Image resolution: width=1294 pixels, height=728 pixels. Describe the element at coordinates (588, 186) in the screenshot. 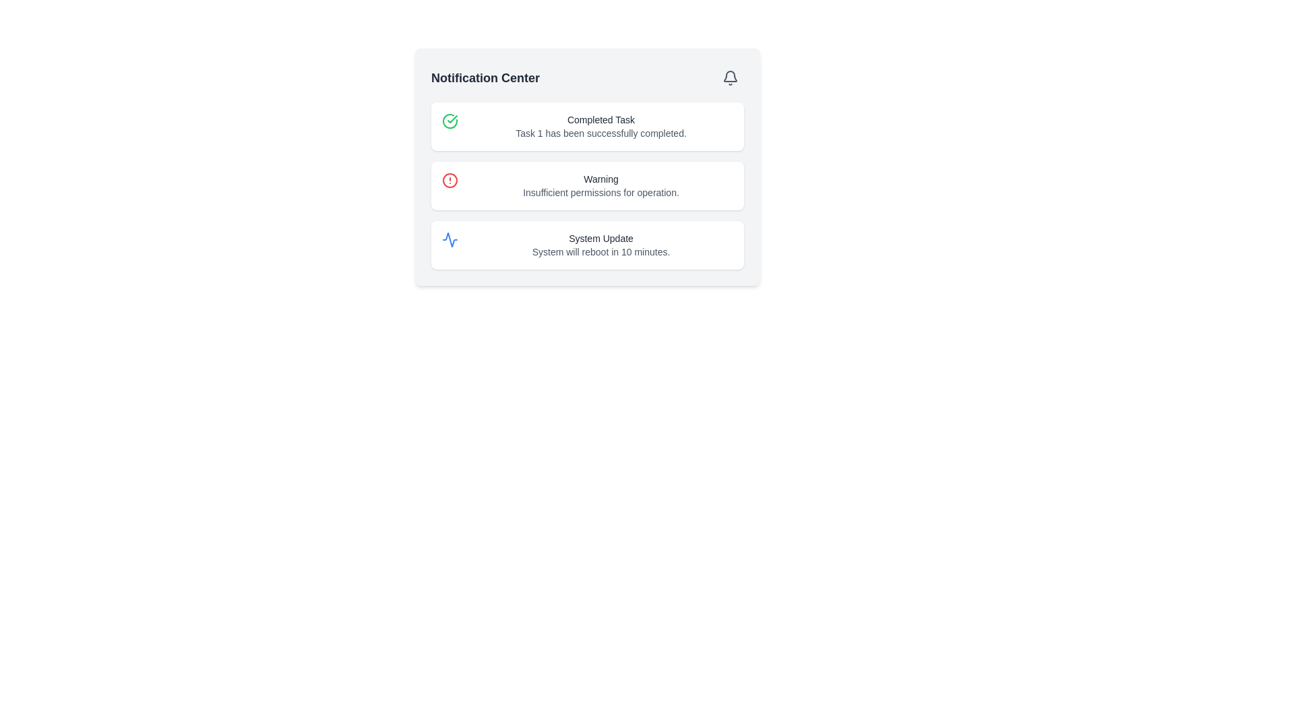

I see `the notification box displaying the warning message 'Insufficient permissions for operation.' which is the second notification in the 'Notification Center.'` at that location.